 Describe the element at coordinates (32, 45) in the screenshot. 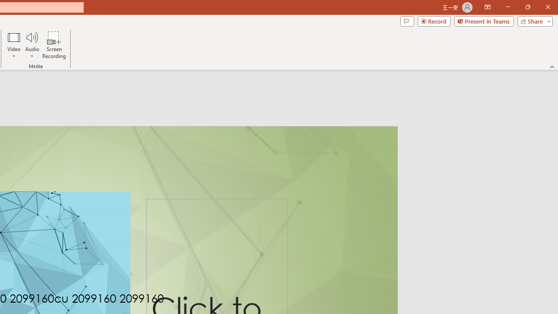

I see `'Audio'` at that location.